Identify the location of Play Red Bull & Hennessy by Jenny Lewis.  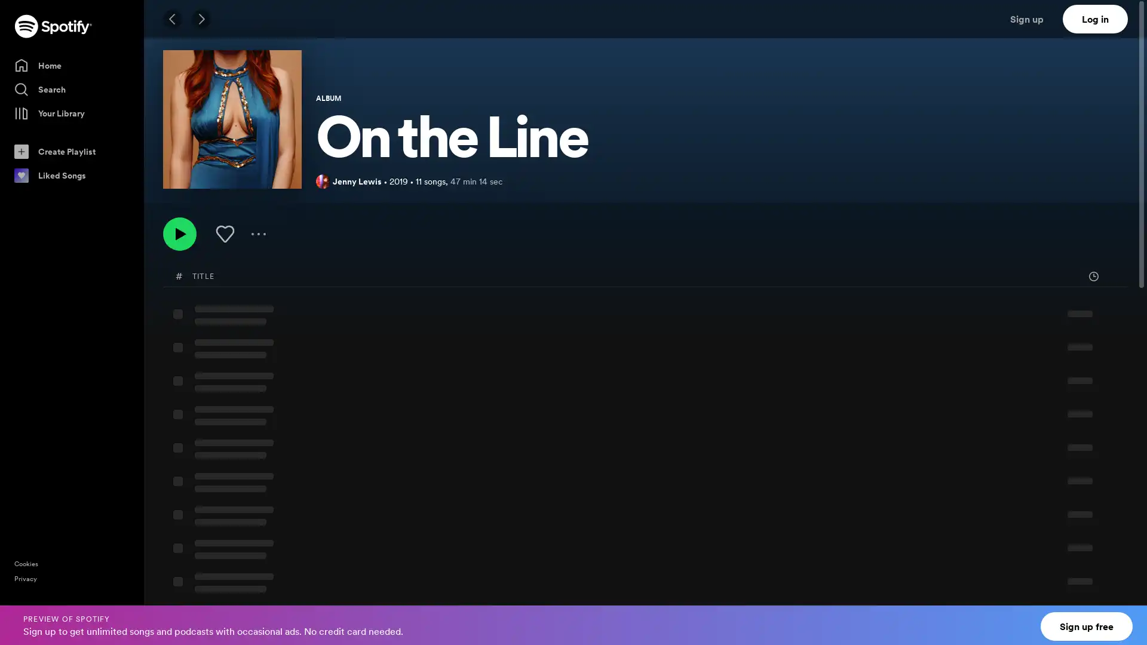
(177, 380).